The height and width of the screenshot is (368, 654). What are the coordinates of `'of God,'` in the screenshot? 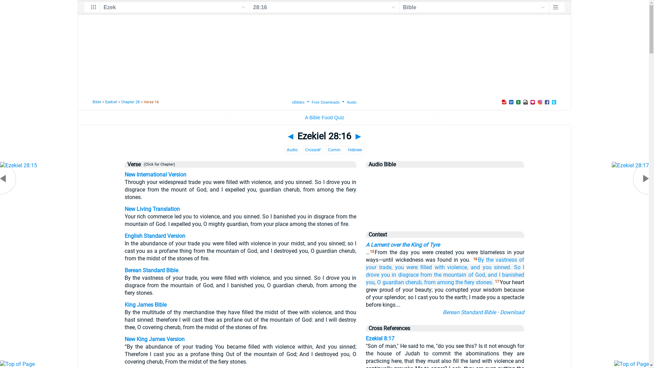 It's located at (477, 274).